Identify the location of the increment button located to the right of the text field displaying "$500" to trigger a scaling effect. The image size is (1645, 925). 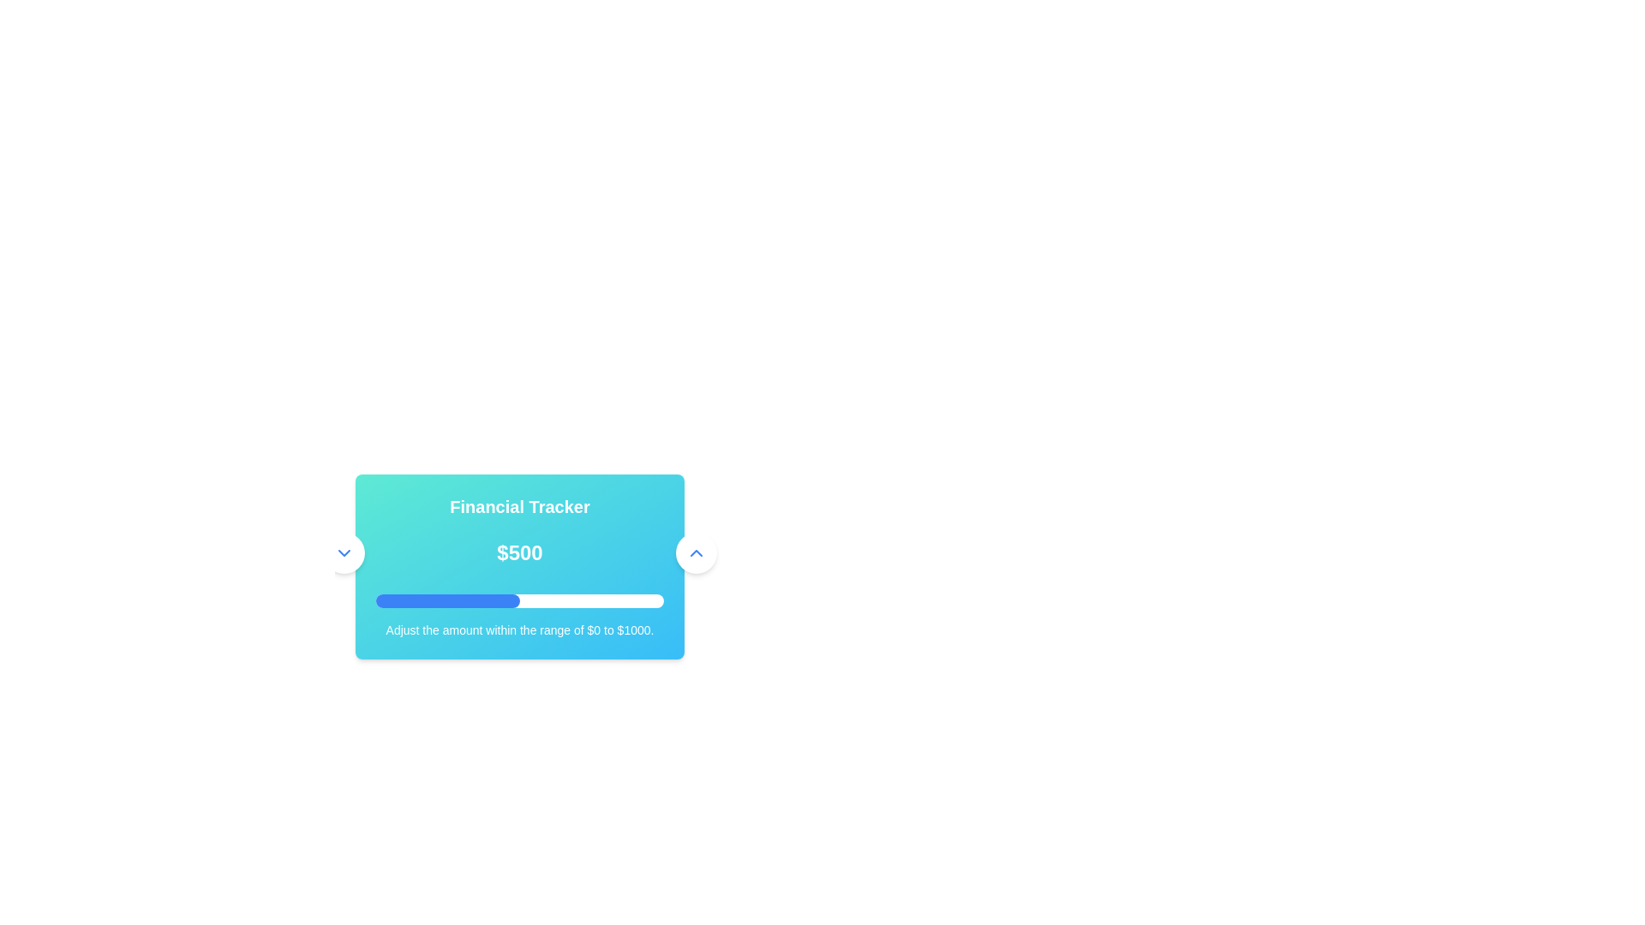
(696, 552).